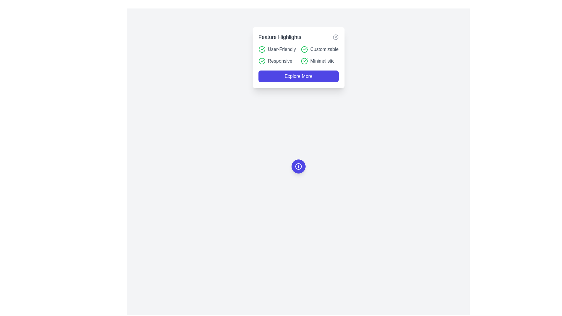 Image resolution: width=562 pixels, height=316 pixels. Describe the element at coordinates (336, 37) in the screenshot. I see `the circle element in the SVG icon located at the top-right corner of the feature highlights card component` at that location.